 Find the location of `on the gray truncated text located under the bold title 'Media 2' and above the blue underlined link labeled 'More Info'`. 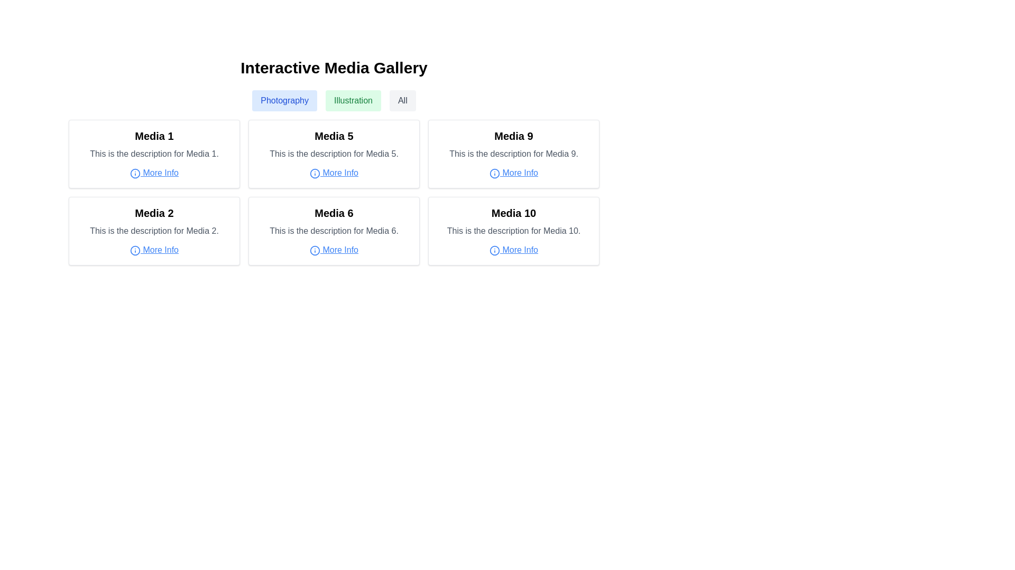

on the gray truncated text located under the bold title 'Media 2' and above the blue underlined link labeled 'More Info' is located at coordinates (154, 231).